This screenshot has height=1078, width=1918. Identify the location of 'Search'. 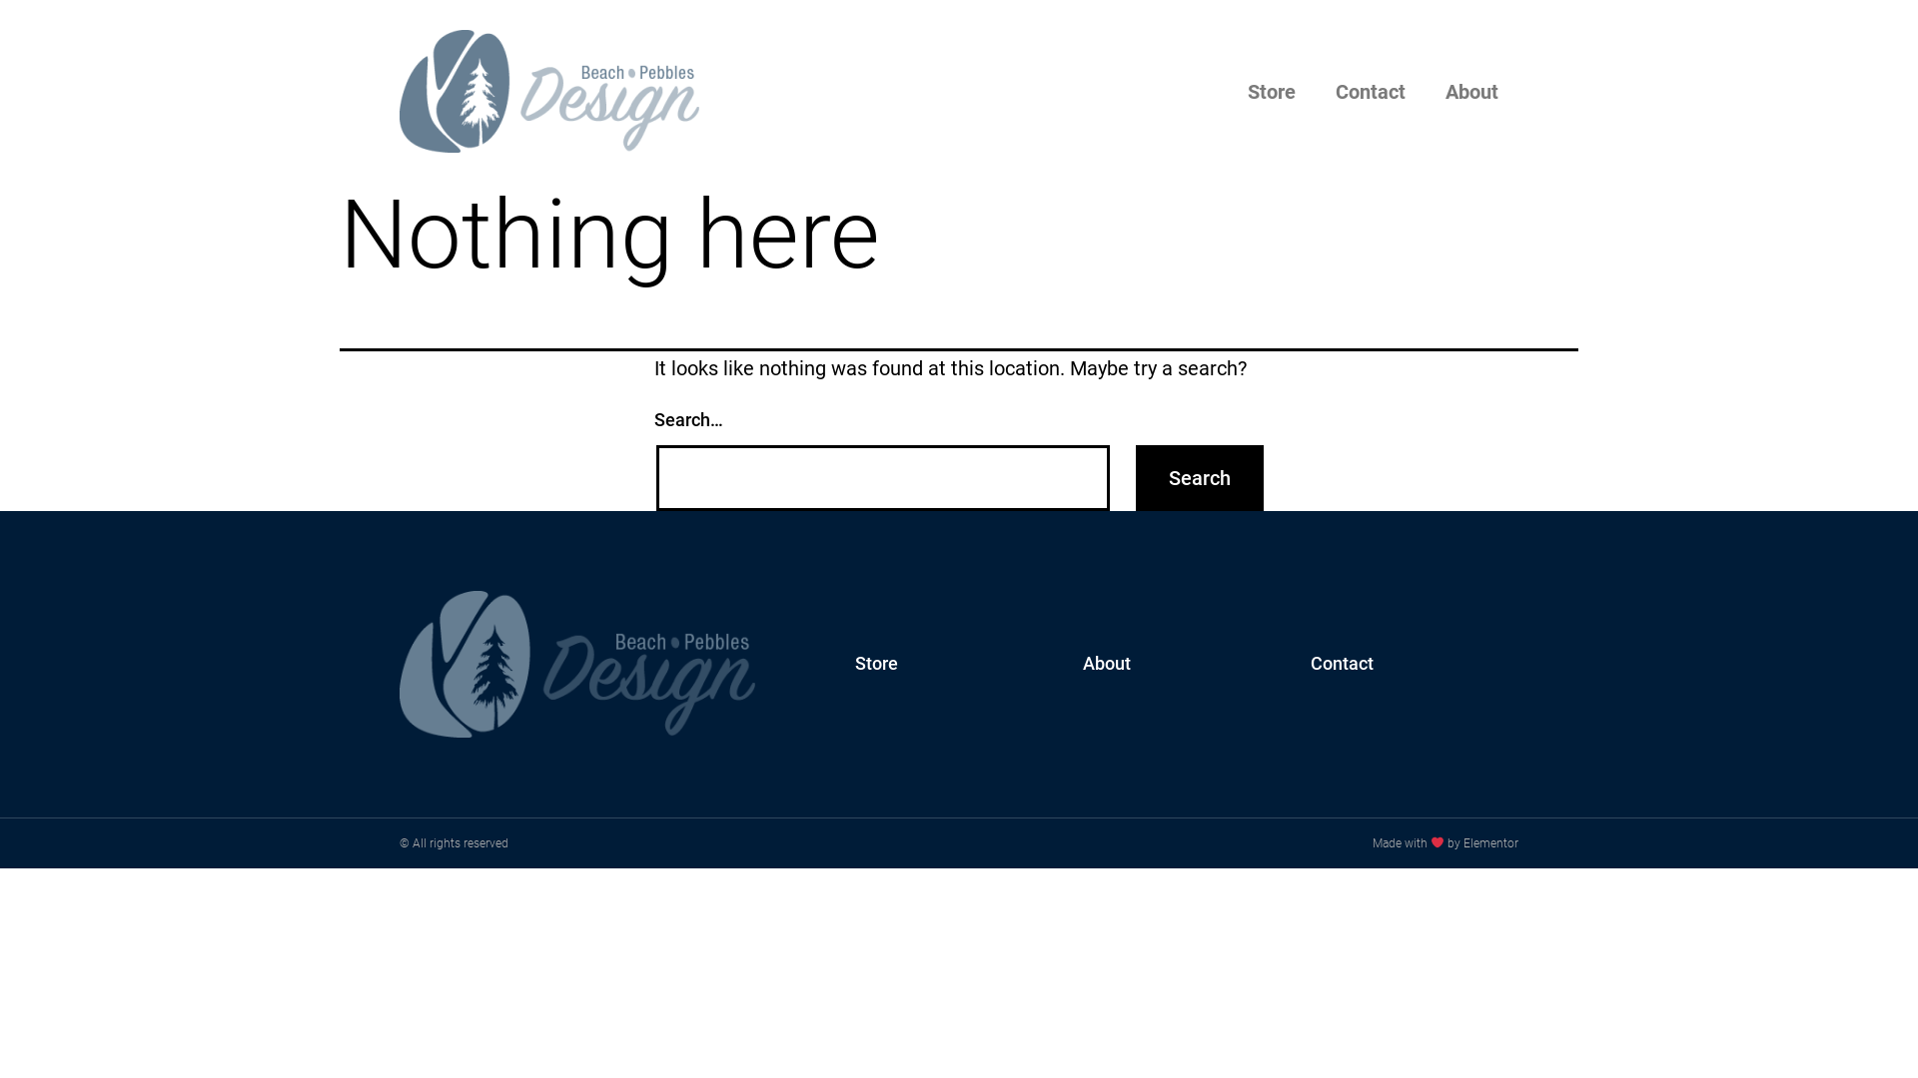
(1199, 477).